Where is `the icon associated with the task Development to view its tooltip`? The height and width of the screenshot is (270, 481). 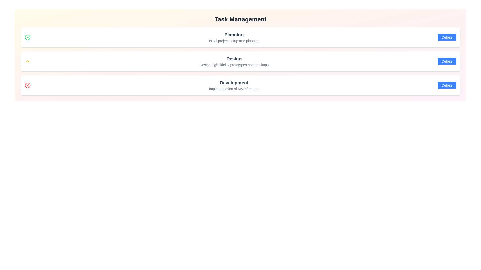 the icon associated with the task Development to view its tooltip is located at coordinates (27, 85).